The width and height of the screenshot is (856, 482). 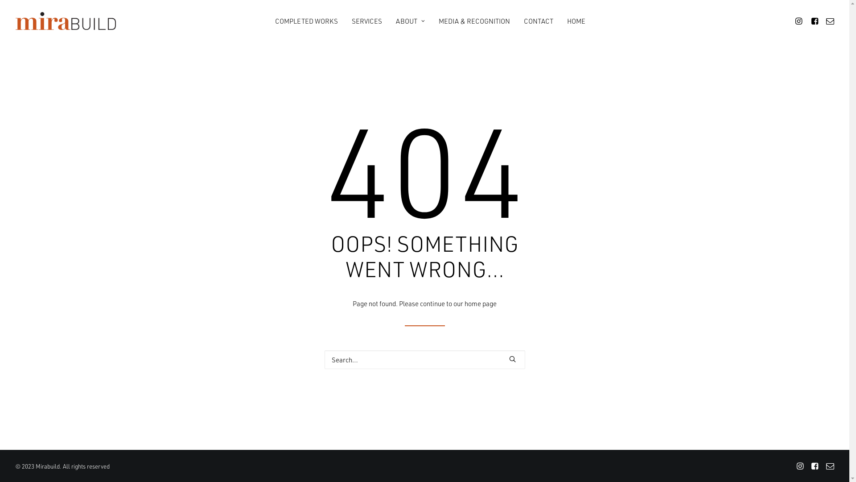 I want to click on 'MEDIA & RECOGNITION', so click(x=432, y=20).